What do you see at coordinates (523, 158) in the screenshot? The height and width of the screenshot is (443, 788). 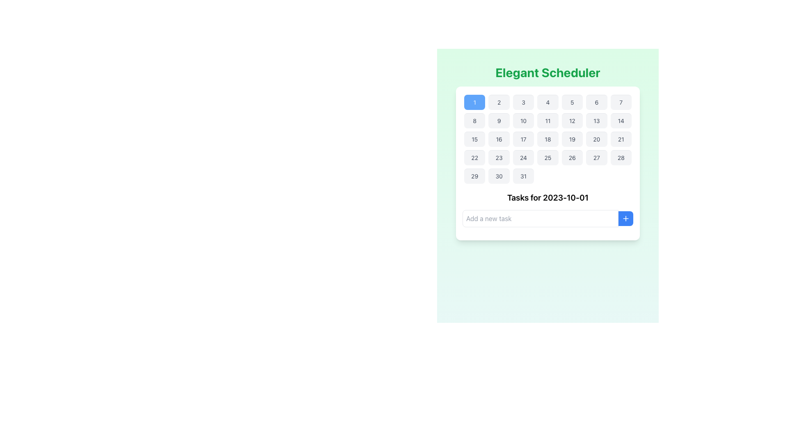 I see `the button representing the 24th day in the calendar interface` at bounding box center [523, 158].